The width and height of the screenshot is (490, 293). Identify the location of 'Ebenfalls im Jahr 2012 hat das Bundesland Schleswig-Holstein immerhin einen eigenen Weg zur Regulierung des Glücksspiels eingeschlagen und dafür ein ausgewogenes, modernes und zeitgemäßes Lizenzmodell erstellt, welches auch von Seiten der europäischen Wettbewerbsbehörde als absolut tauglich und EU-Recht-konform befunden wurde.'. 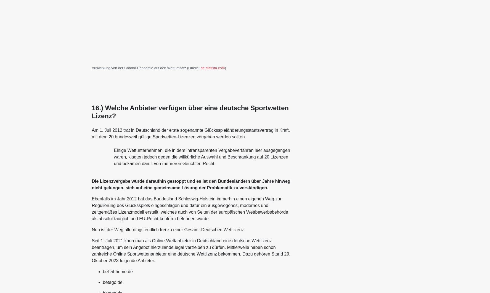
(189, 208).